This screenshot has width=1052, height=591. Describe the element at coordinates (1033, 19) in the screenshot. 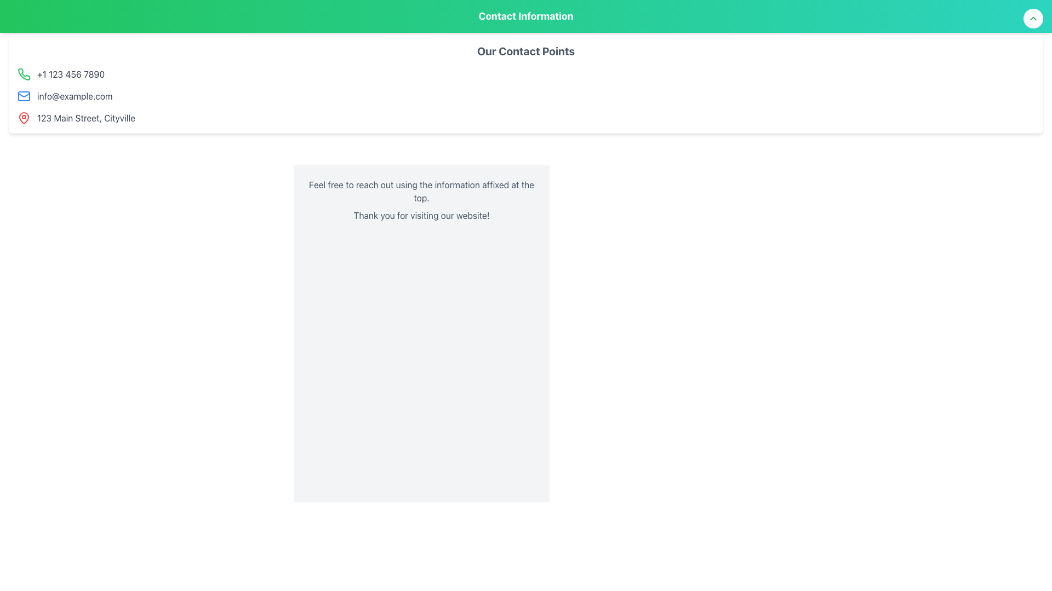

I see `the 'scroll to top' button located in the top-right corner of the 'Contact Information' header` at that location.